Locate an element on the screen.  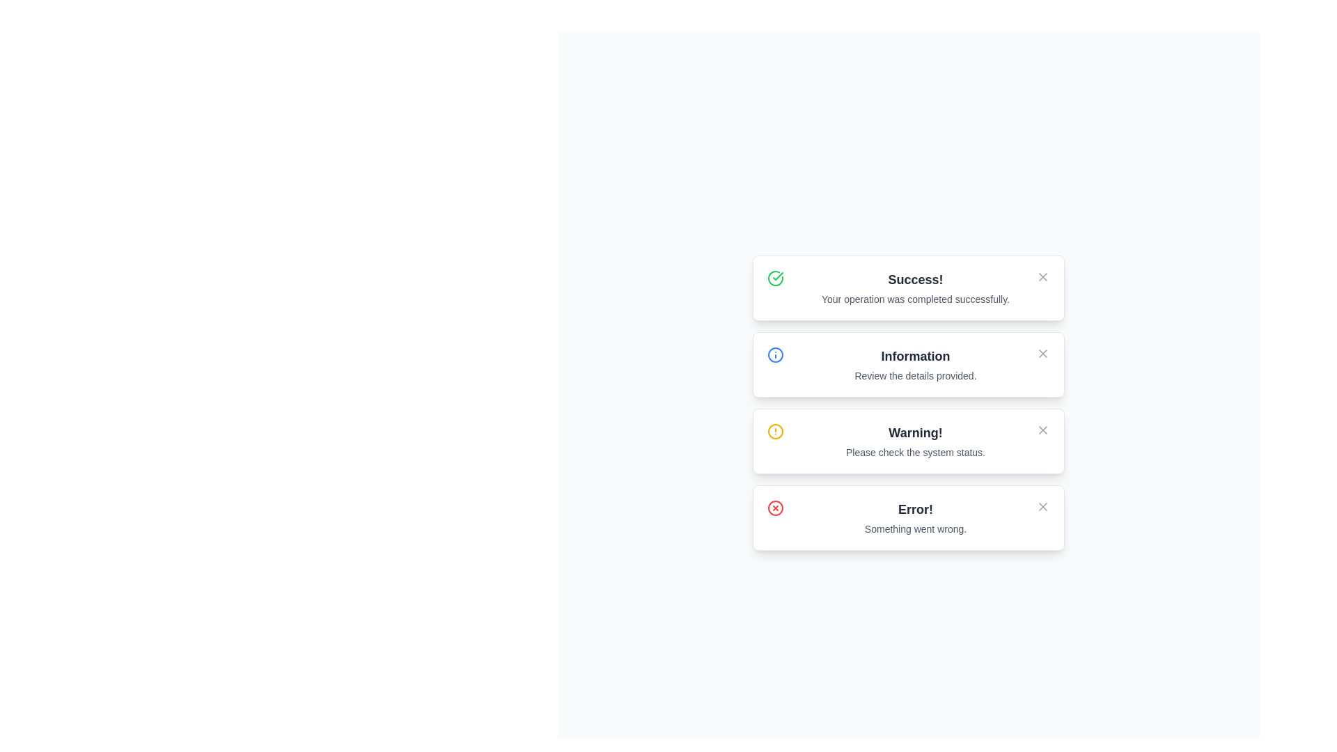
the close button located at the top-right corner of the 'Error!' box, aligned with the message 'Something went wrong.' is located at coordinates (1042, 507).